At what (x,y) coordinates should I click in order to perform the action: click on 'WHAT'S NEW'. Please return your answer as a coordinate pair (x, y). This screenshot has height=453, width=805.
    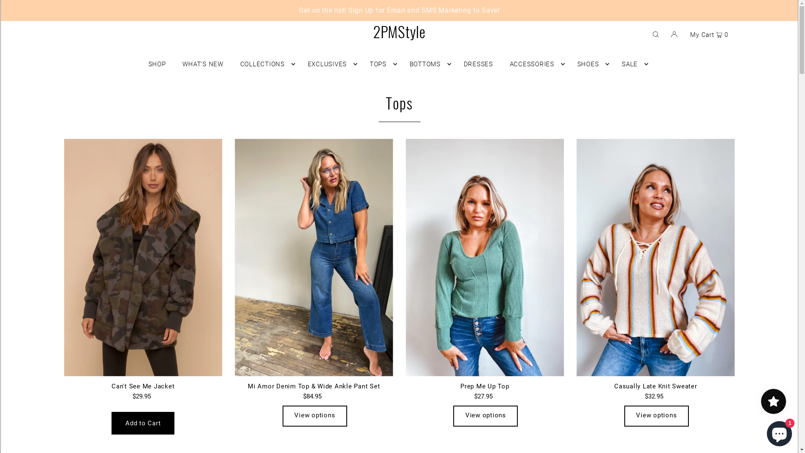
    Looking at the image, I should click on (203, 64).